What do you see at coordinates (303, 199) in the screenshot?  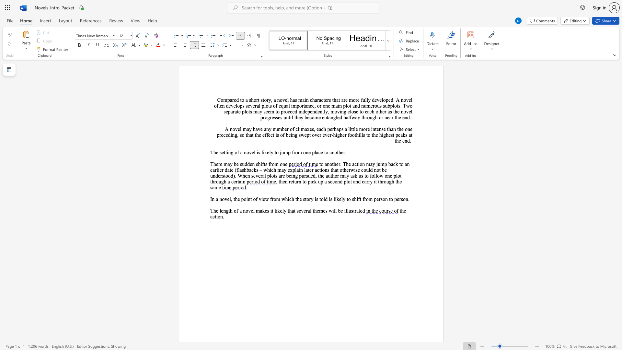 I see `the subset text "story is told is likely to shift from" within the text "In a novel, the point of view from which the story is told is likely to shift from person to person."` at bounding box center [303, 199].